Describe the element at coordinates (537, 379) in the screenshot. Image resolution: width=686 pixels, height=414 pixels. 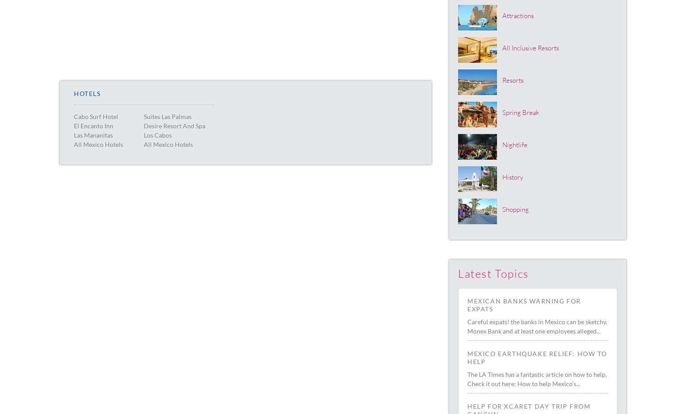
I see `'The LA Times has a fantastic article on how to help. Check it out here: How to help Mexico's...'` at that location.